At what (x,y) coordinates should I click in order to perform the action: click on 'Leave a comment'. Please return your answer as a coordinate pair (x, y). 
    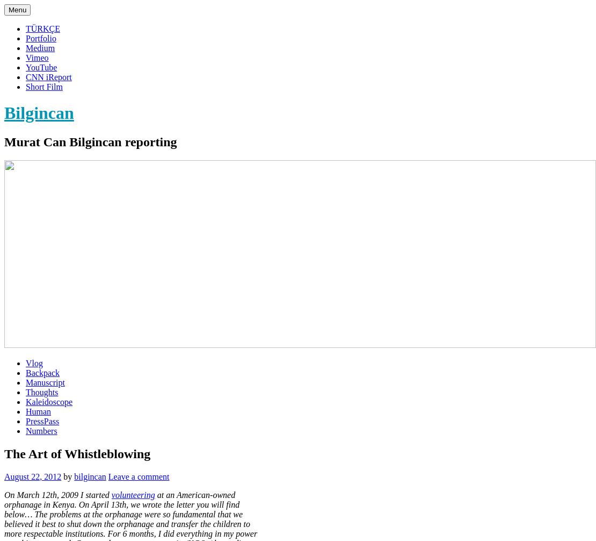
    Looking at the image, I should click on (138, 475).